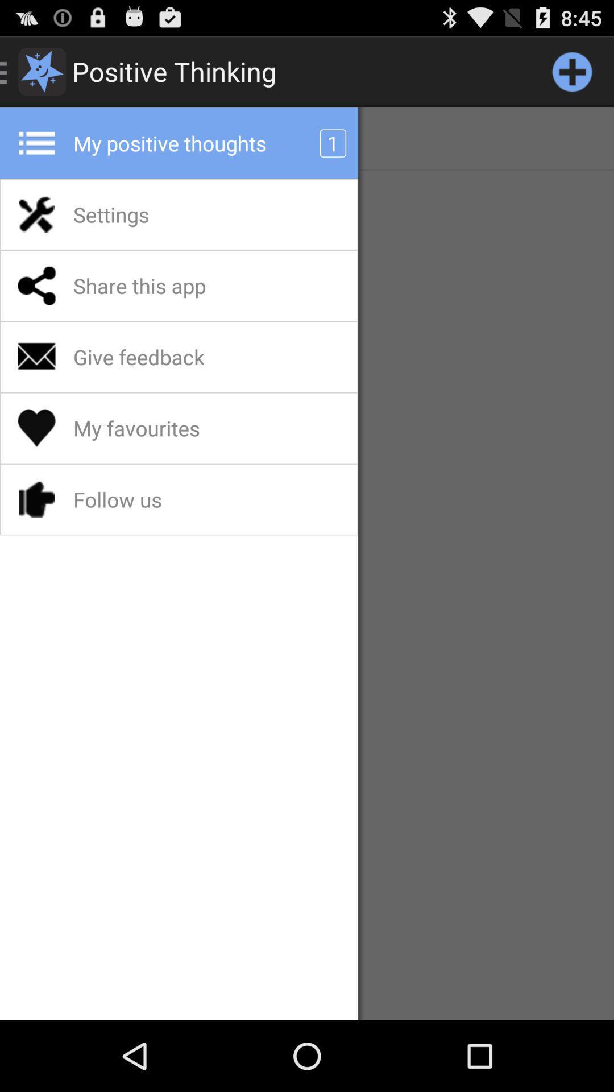  I want to click on my positive thoughts item, so click(199, 143).